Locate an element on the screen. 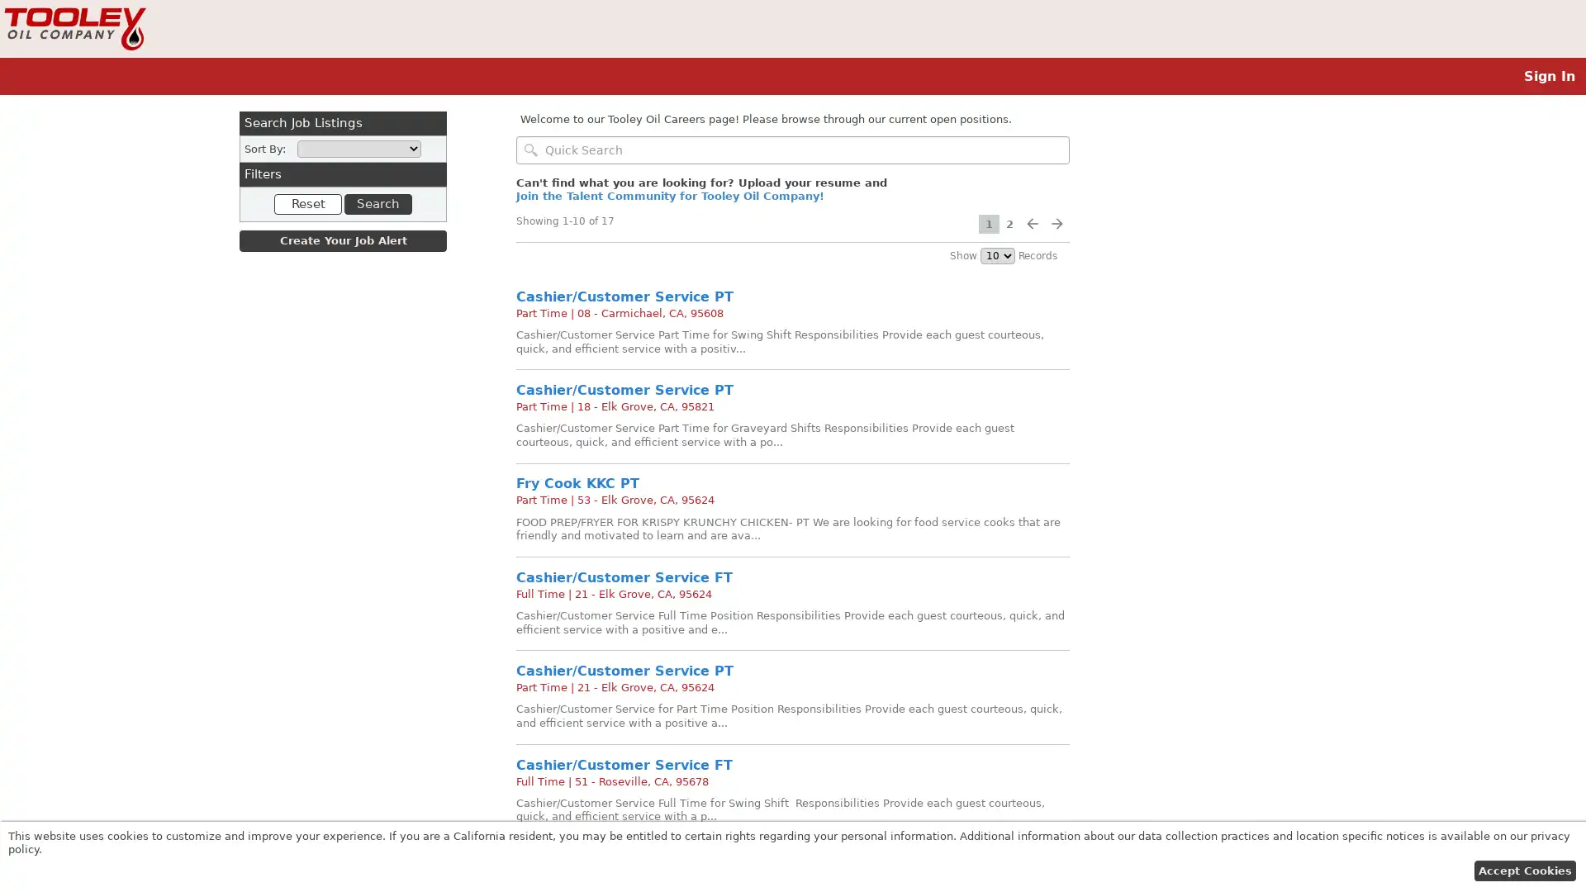  Accept Cookies is located at coordinates (1523, 870).